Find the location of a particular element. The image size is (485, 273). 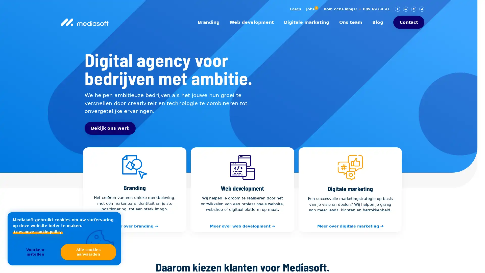

Lees onze cookie policy is located at coordinates (37, 232).